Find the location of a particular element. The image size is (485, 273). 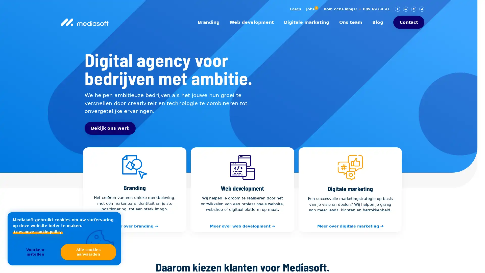

Lees onze cookie policy is located at coordinates (37, 232).